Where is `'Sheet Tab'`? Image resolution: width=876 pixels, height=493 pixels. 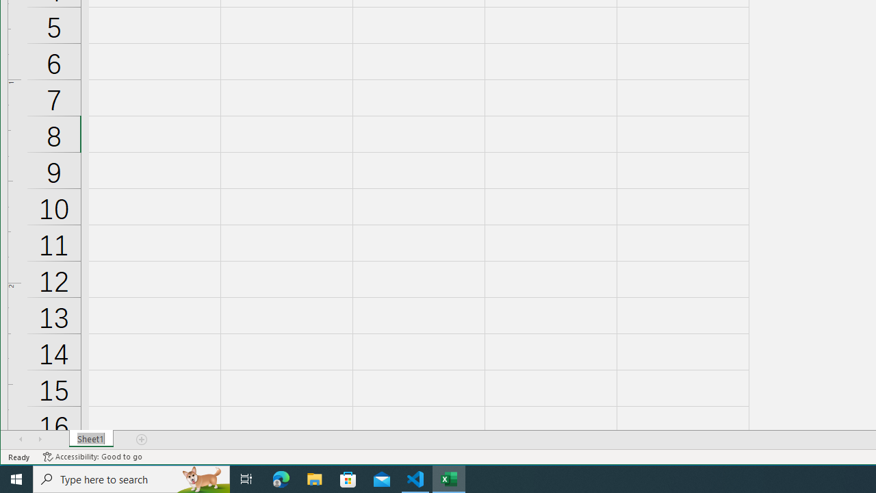 'Sheet Tab' is located at coordinates (90, 439).